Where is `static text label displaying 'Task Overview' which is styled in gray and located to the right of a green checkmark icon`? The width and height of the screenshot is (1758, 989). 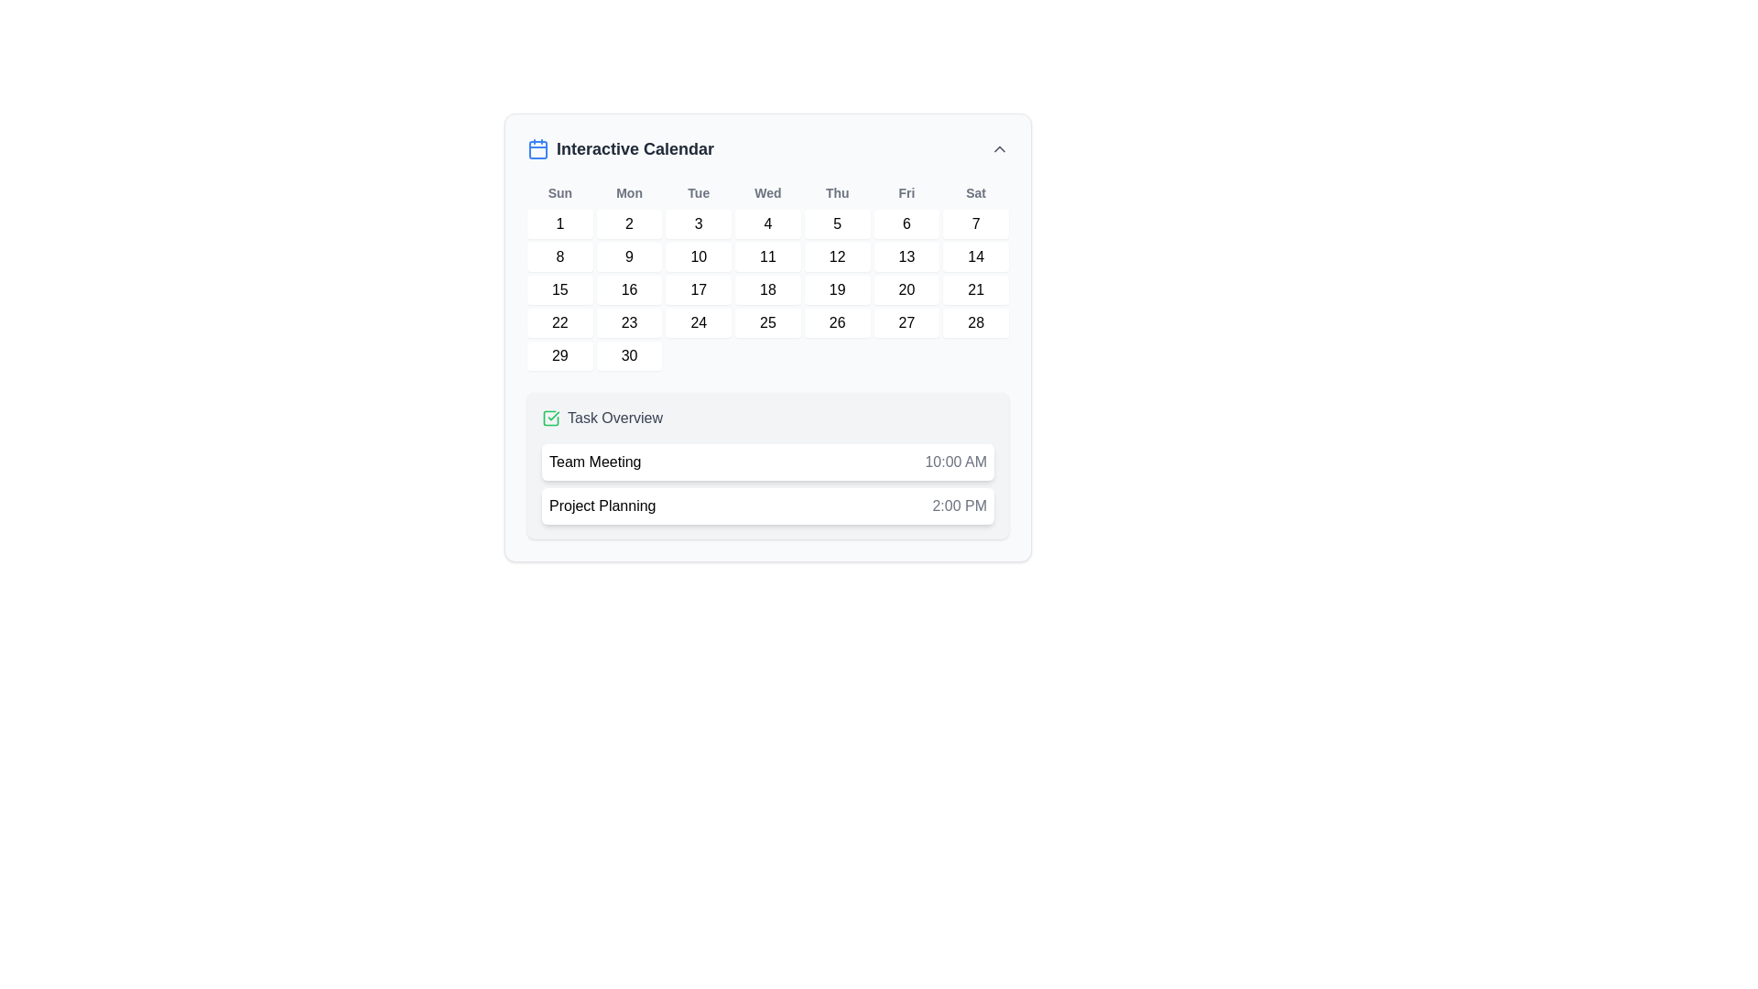 static text label displaying 'Task Overview' which is styled in gray and located to the right of a green checkmark icon is located at coordinates (615, 418).